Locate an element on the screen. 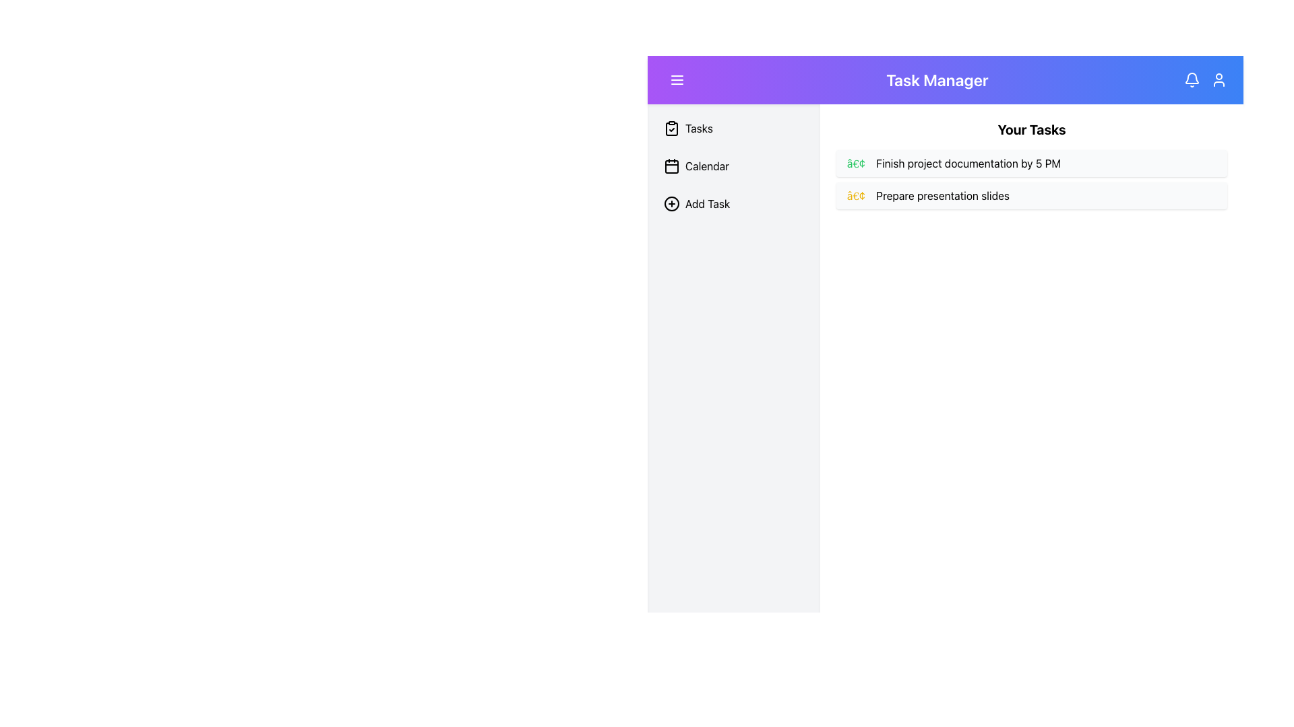 The width and height of the screenshot is (1294, 727). the 'Add New Task' button located in the left sidebar, which is the third interactive item below 'Tasks' and 'Calendar' is located at coordinates (697, 204).